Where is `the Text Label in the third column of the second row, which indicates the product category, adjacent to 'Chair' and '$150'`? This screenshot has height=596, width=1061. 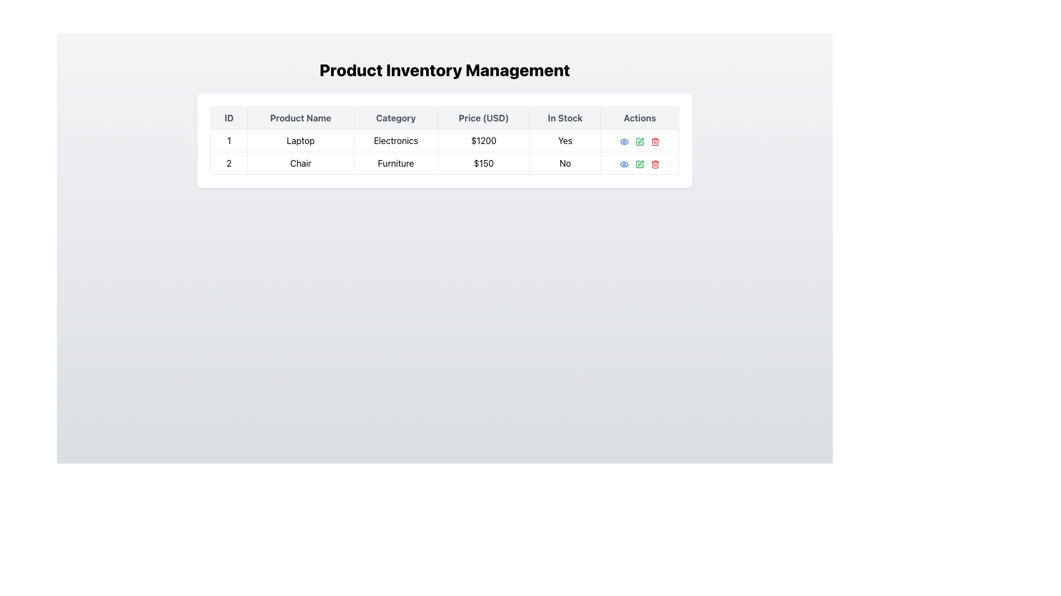
the Text Label in the third column of the second row, which indicates the product category, adjacent to 'Chair' and '$150' is located at coordinates (396, 163).